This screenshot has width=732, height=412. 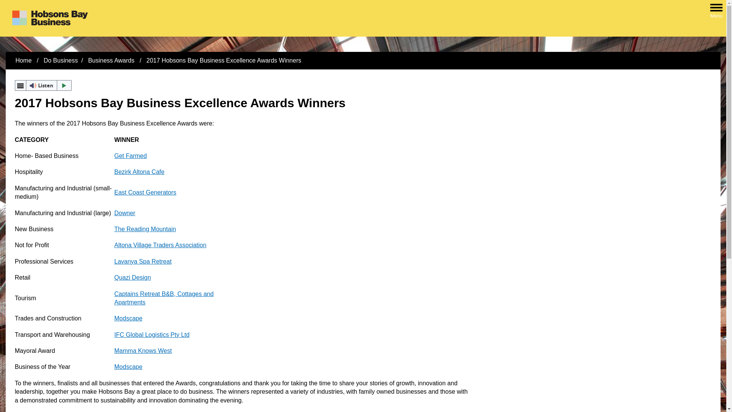 I want to click on 'Business Awards', so click(x=111, y=60).